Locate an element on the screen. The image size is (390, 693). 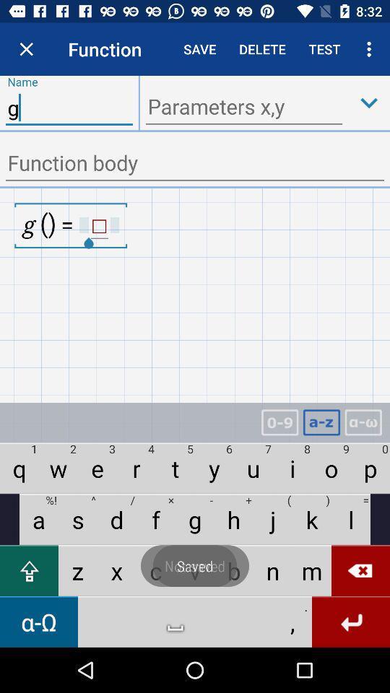
change alphabet is located at coordinates (363, 422).